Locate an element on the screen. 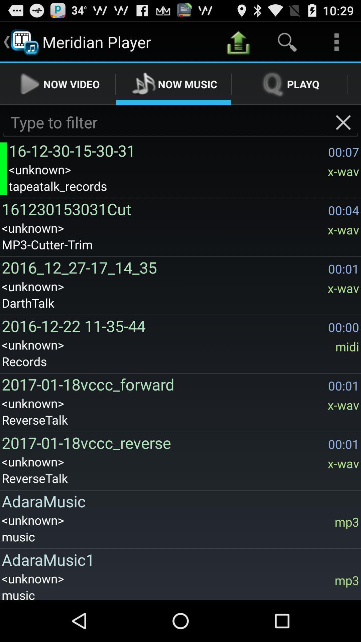  the icon next to 16 12 30 item is located at coordinates (3, 169).